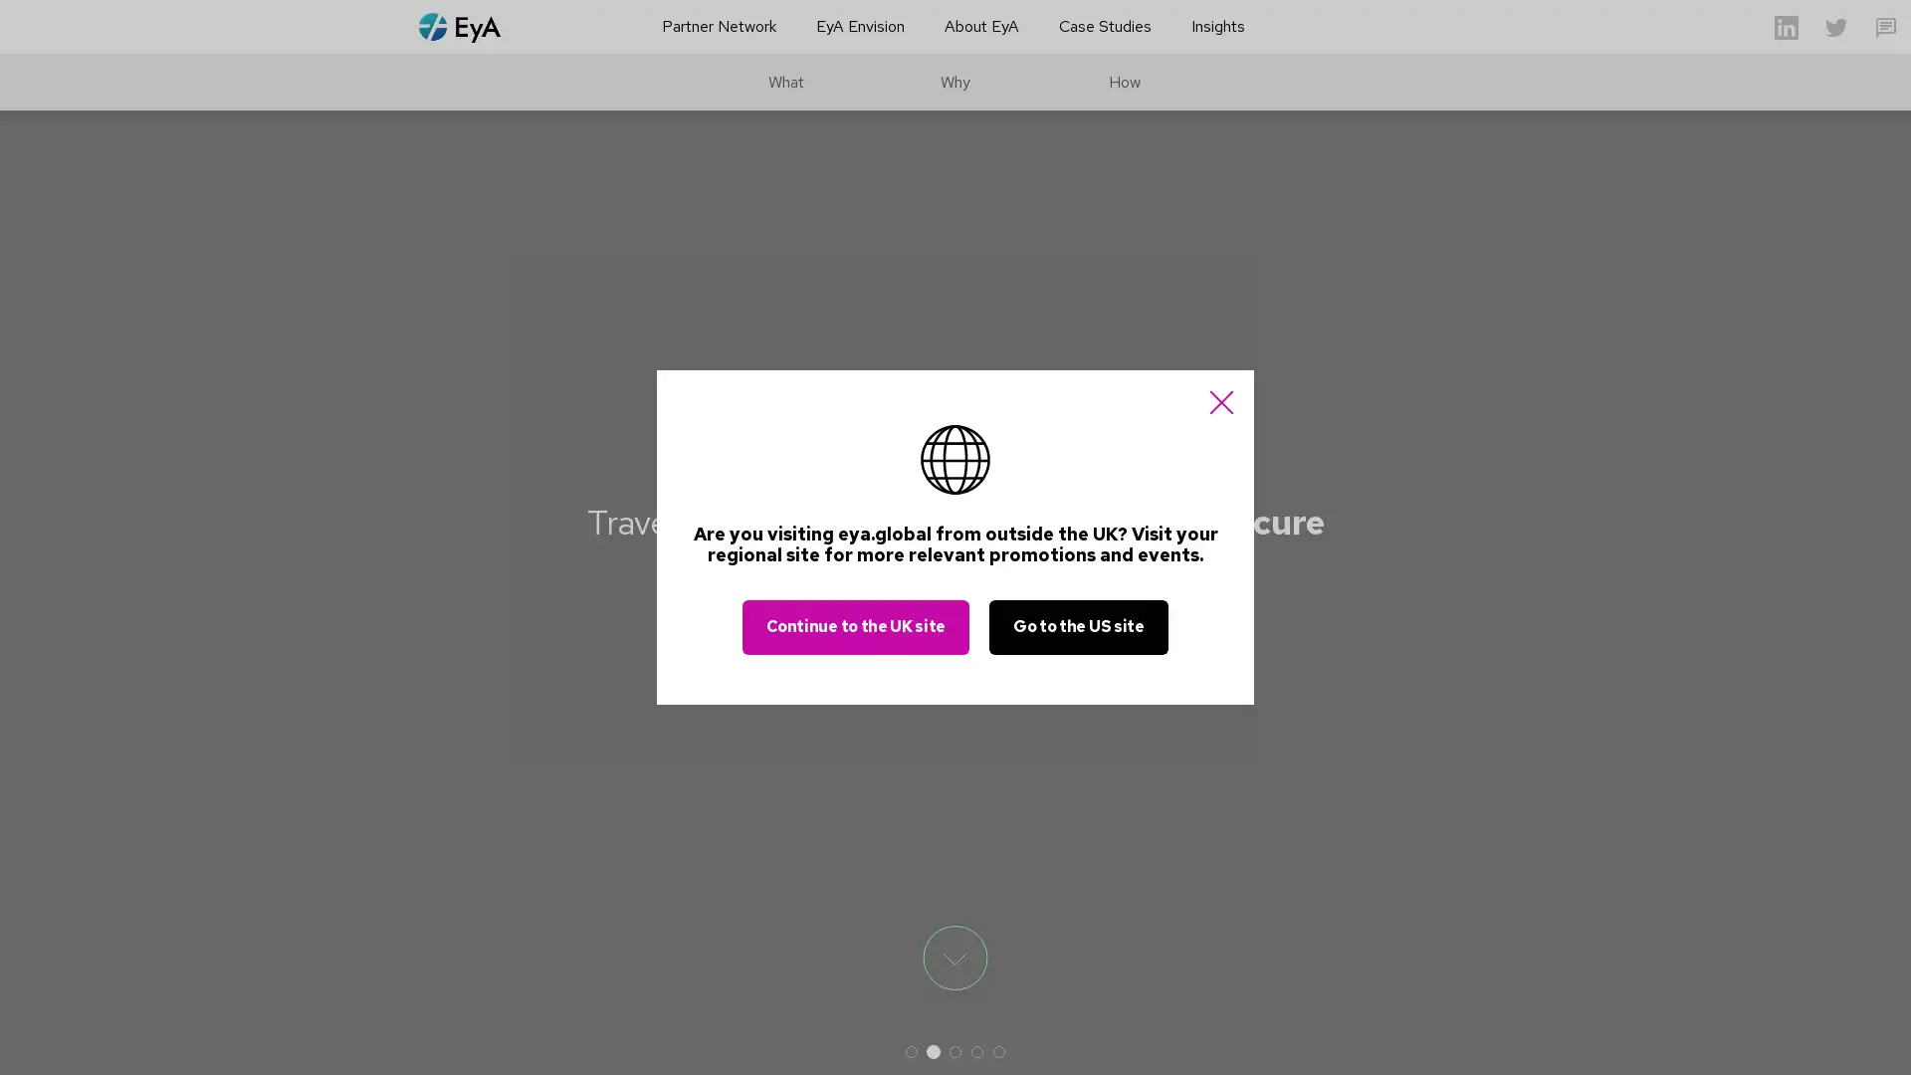 Image resolution: width=1911 pixels, height=1075 pixels. Describe the element at coordinates (998, 1050) in the screenshot. I see `5` at that location.